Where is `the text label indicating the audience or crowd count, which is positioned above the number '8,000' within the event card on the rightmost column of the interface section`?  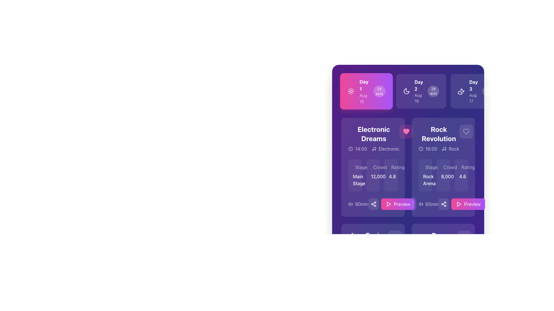 the text label indicating the audience or crowd count, which is positioned above the number '8,000' within the event card on the rightmost column of the interface section is located at coordinates (443, 167).